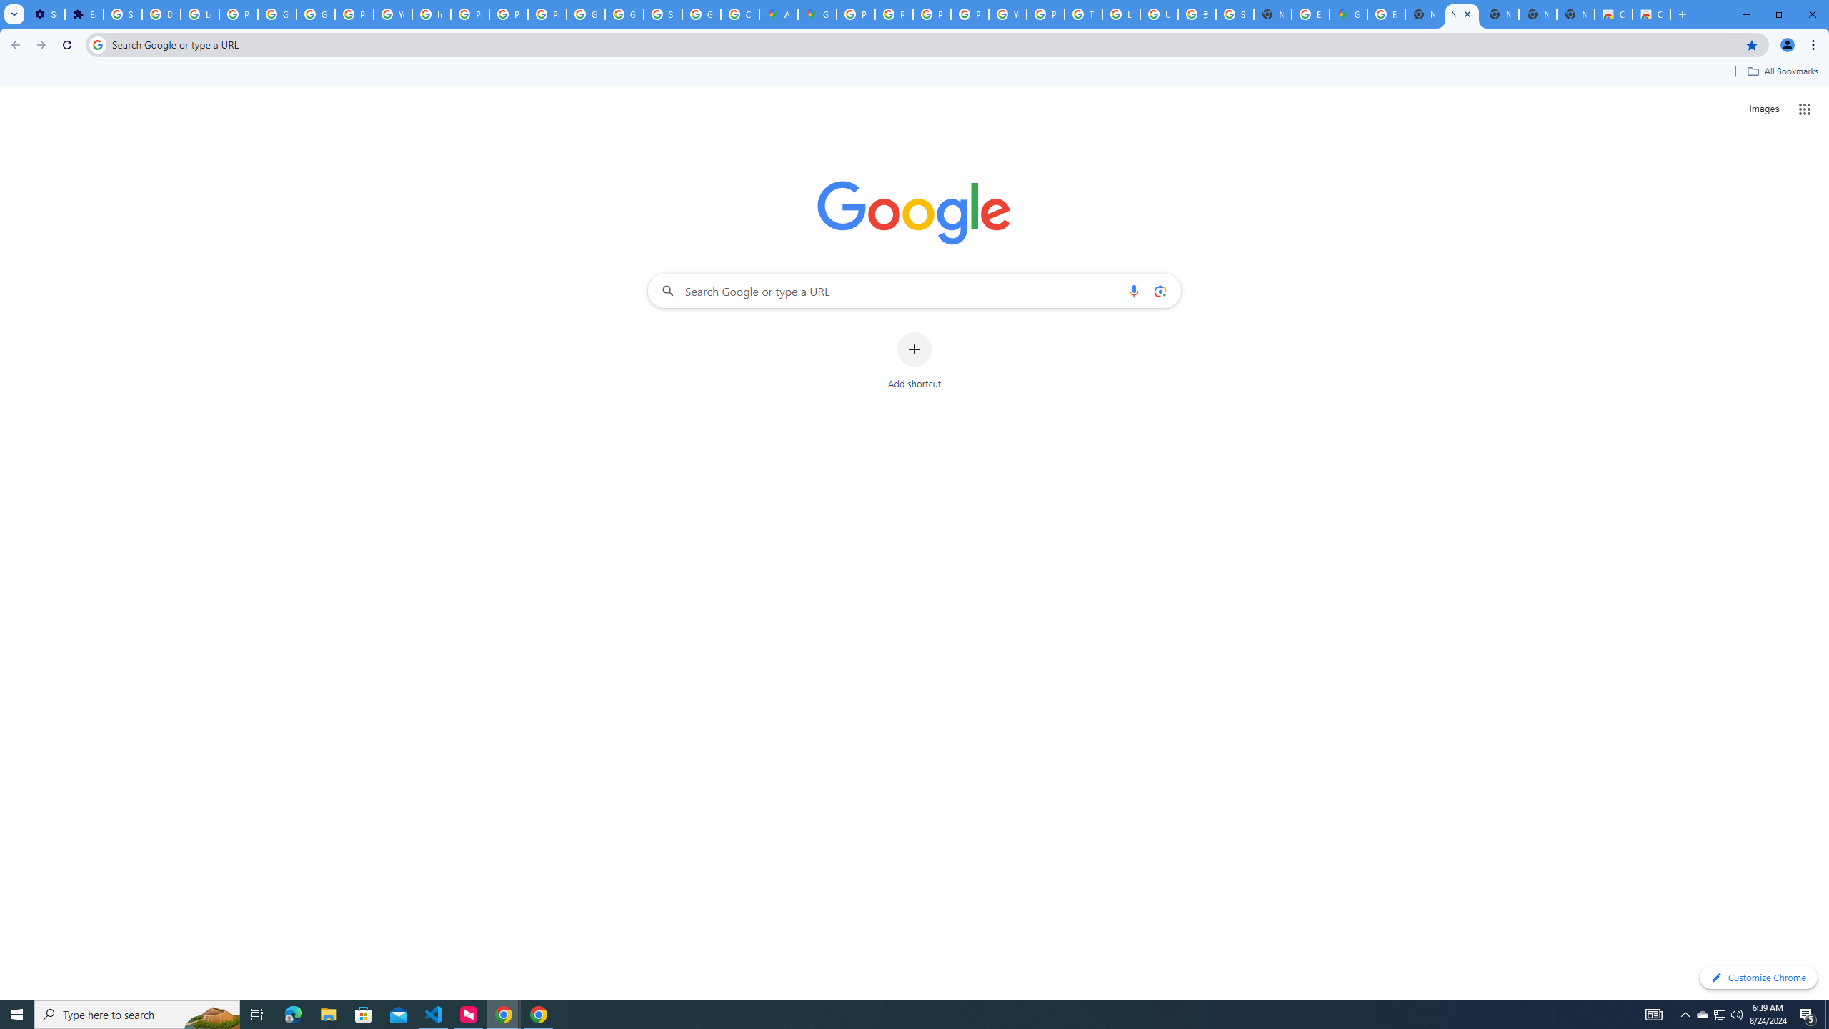  Describe the element at coordinates (1083, 14) in the screenshot. I see `'Tips & tricks for Chrome - Google Chrome Help'` at that location.